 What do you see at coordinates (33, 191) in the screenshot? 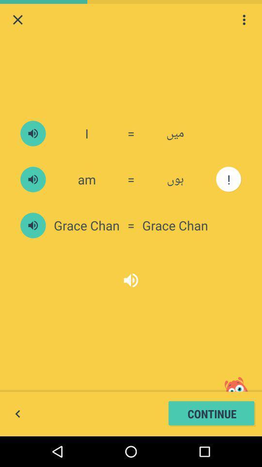
I see `the volume icon` at bounding box center [33, 191].